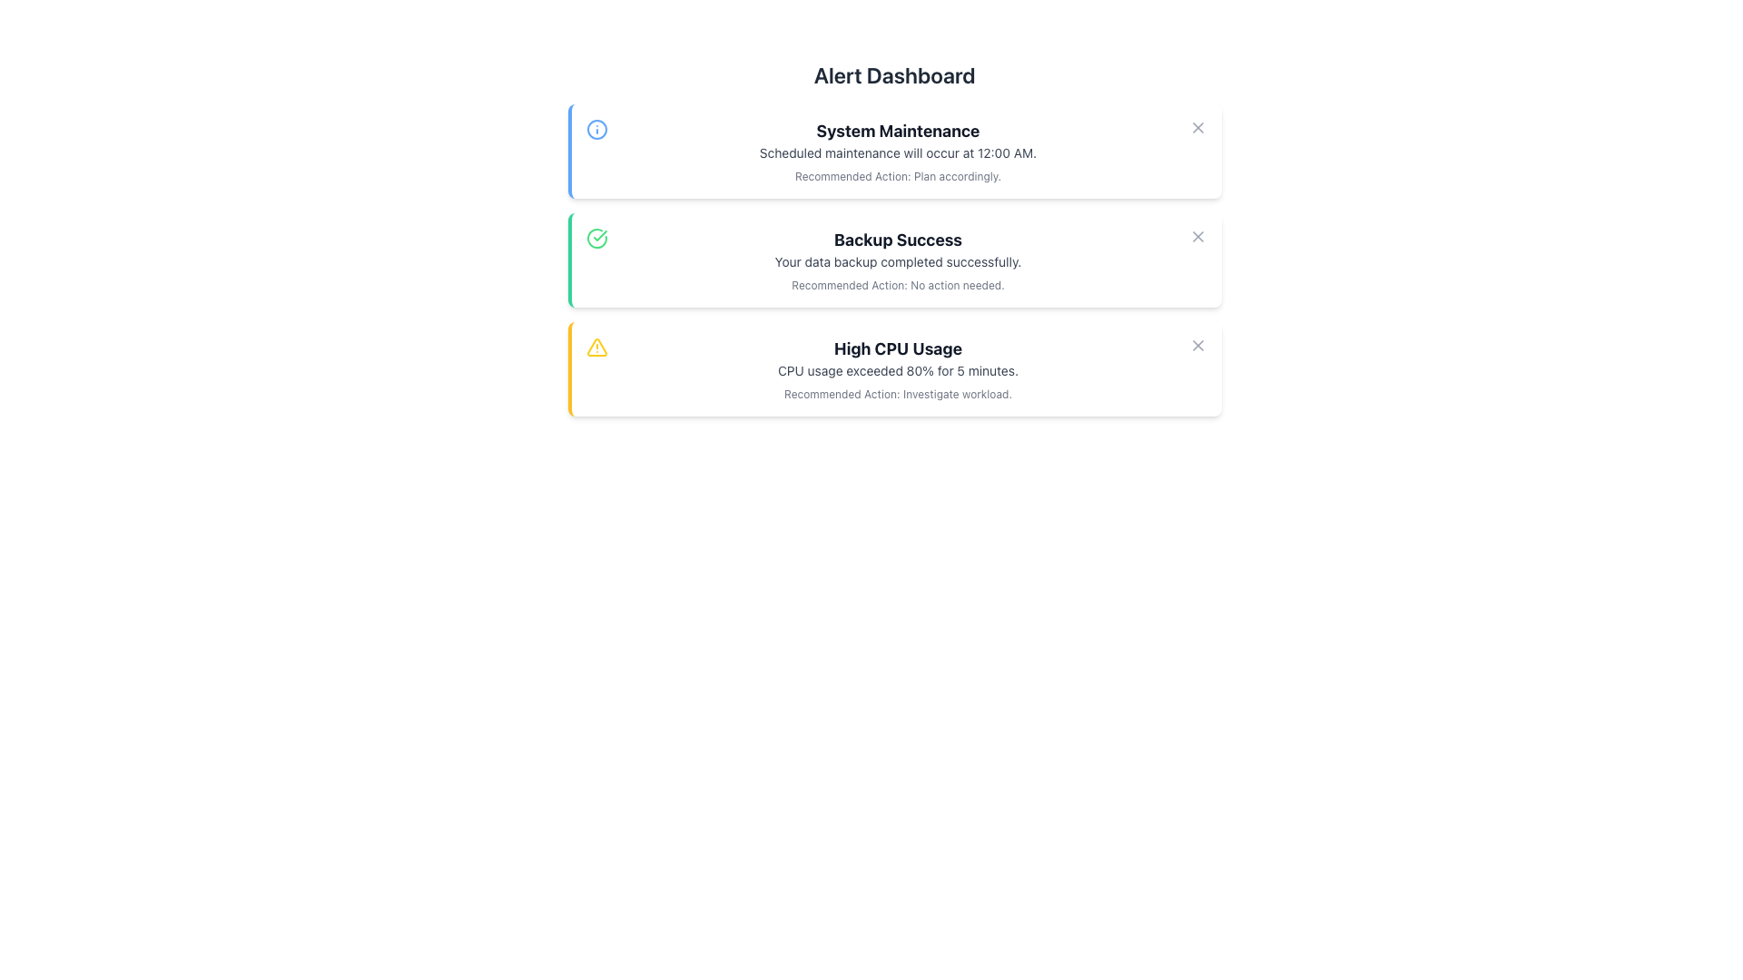 The image size is (1743, 980). What do you see at coordinates (894, 368) in the screenshot?
I see `notification details from the third alert card in the vertical list under 'Alert Dashboard' indicating high CPU usage exceeding 80%` at bounding box center [894, 368].